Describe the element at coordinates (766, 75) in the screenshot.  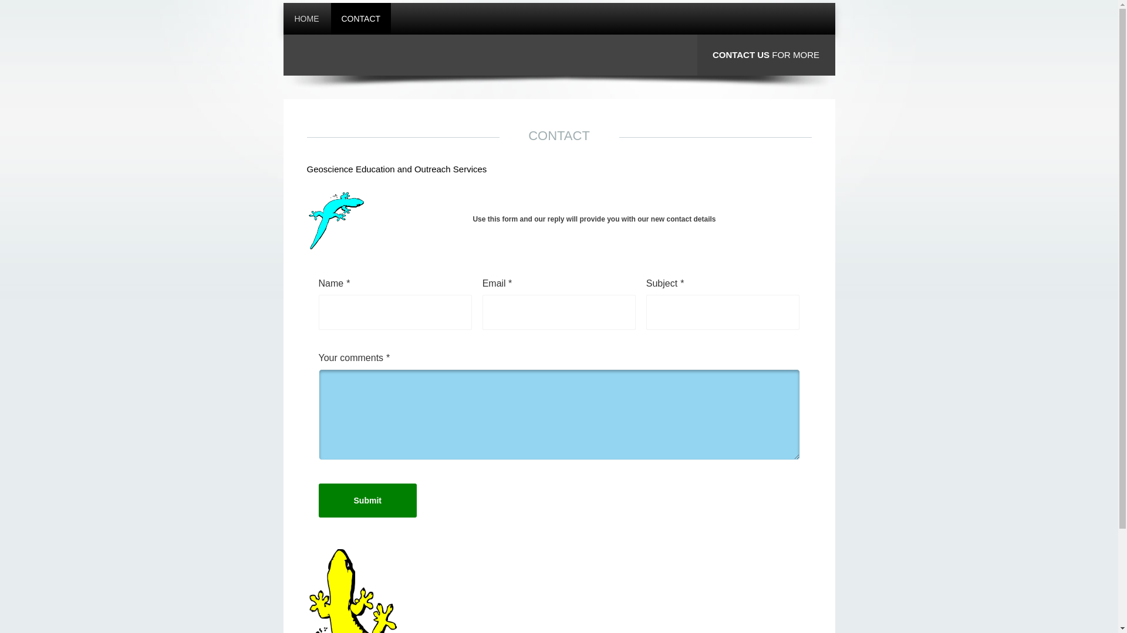
I see `'CONTACT US FOR MORE INFO'` at that location.